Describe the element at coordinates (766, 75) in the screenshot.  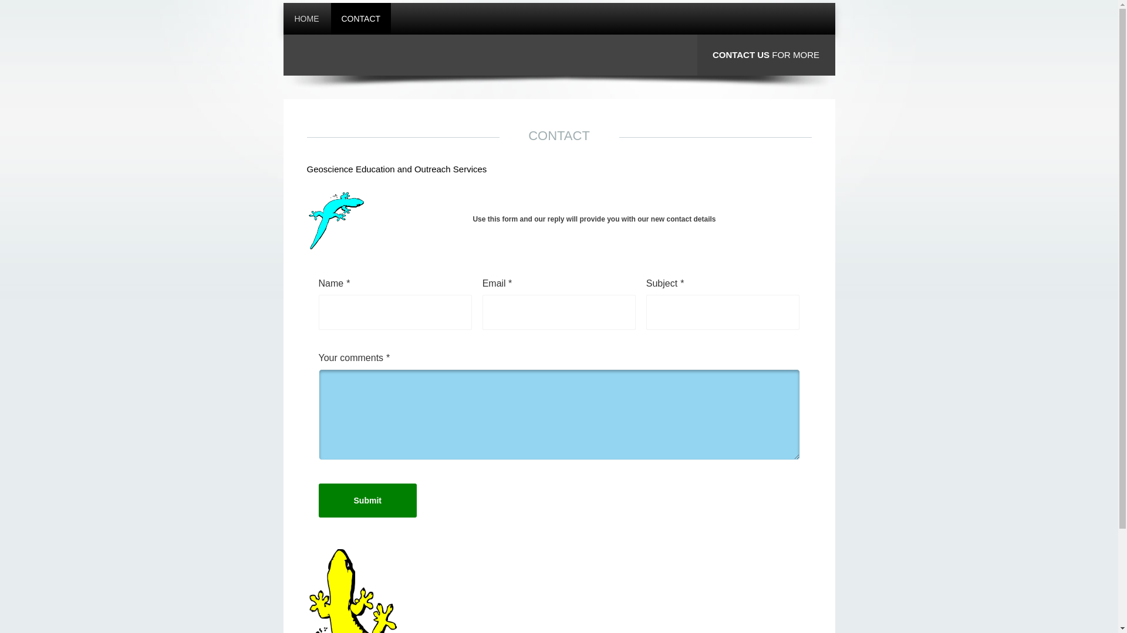
I see `'CONTACT US FOR MORE INFO'` at that location.